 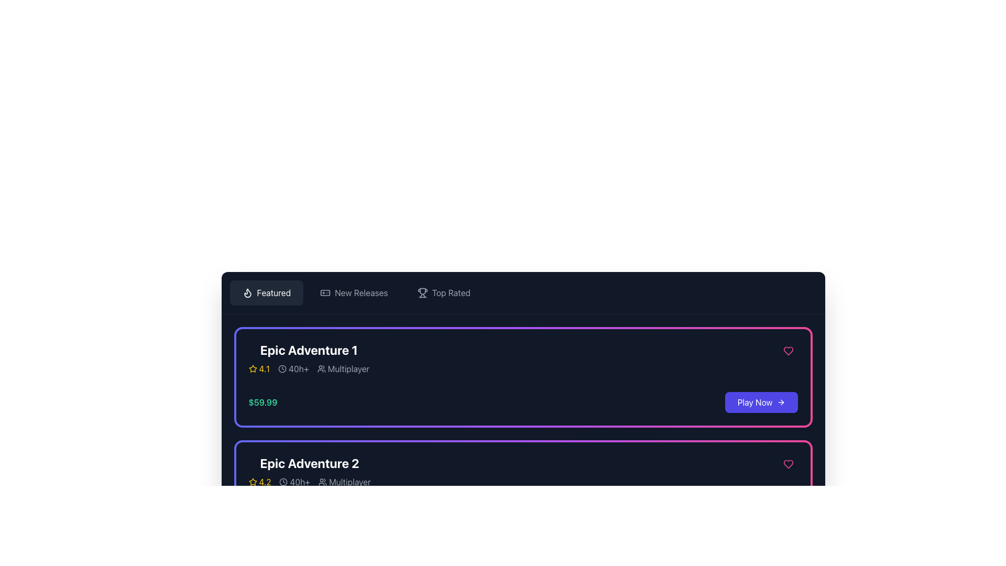 What do you see at coordinates (253, 482) in the screenshot?
I see `the yellow star icon representing the rating for 'Epic Adventure 2'` at bounding box center [253, 482].